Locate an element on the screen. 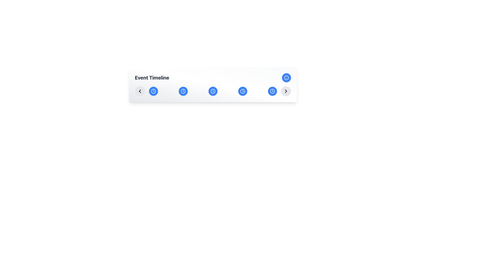 Image resolution: width=480 pixels, height=270 pixels. the first circular button with a blue background and a white clock icon in the timeline navigation bar, located towards the top-left section is located at coordinates (153, 91).